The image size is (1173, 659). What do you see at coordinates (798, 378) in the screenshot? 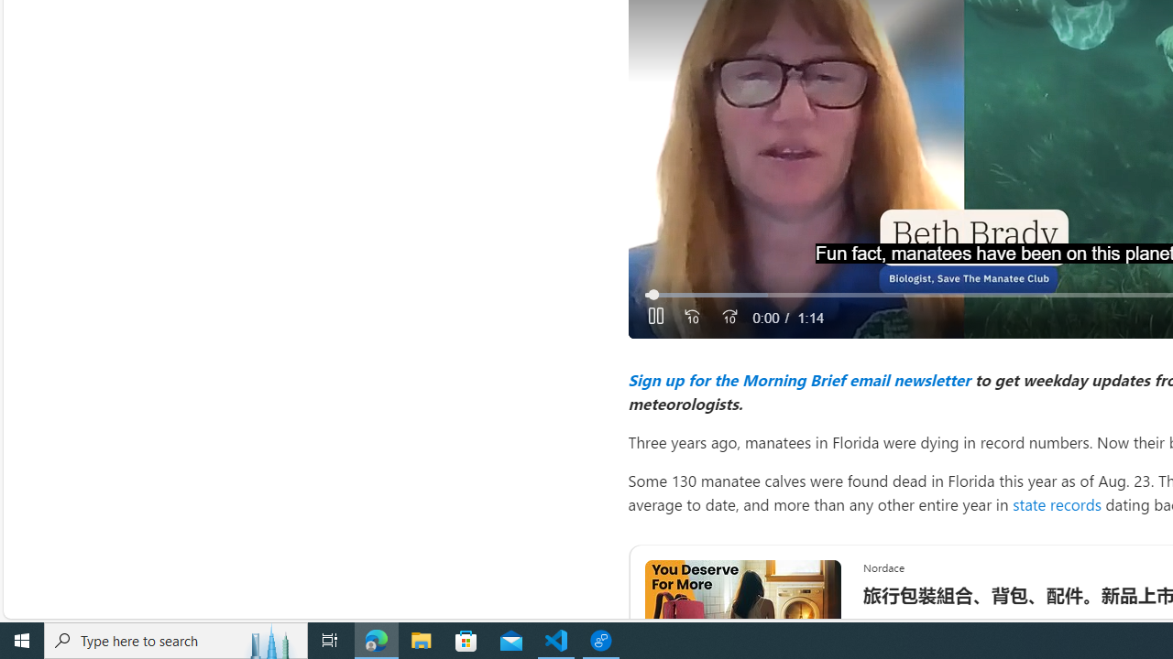
I see `'Sign up for the Morning Brief email newsletter'` at bounding box center [798, 378].